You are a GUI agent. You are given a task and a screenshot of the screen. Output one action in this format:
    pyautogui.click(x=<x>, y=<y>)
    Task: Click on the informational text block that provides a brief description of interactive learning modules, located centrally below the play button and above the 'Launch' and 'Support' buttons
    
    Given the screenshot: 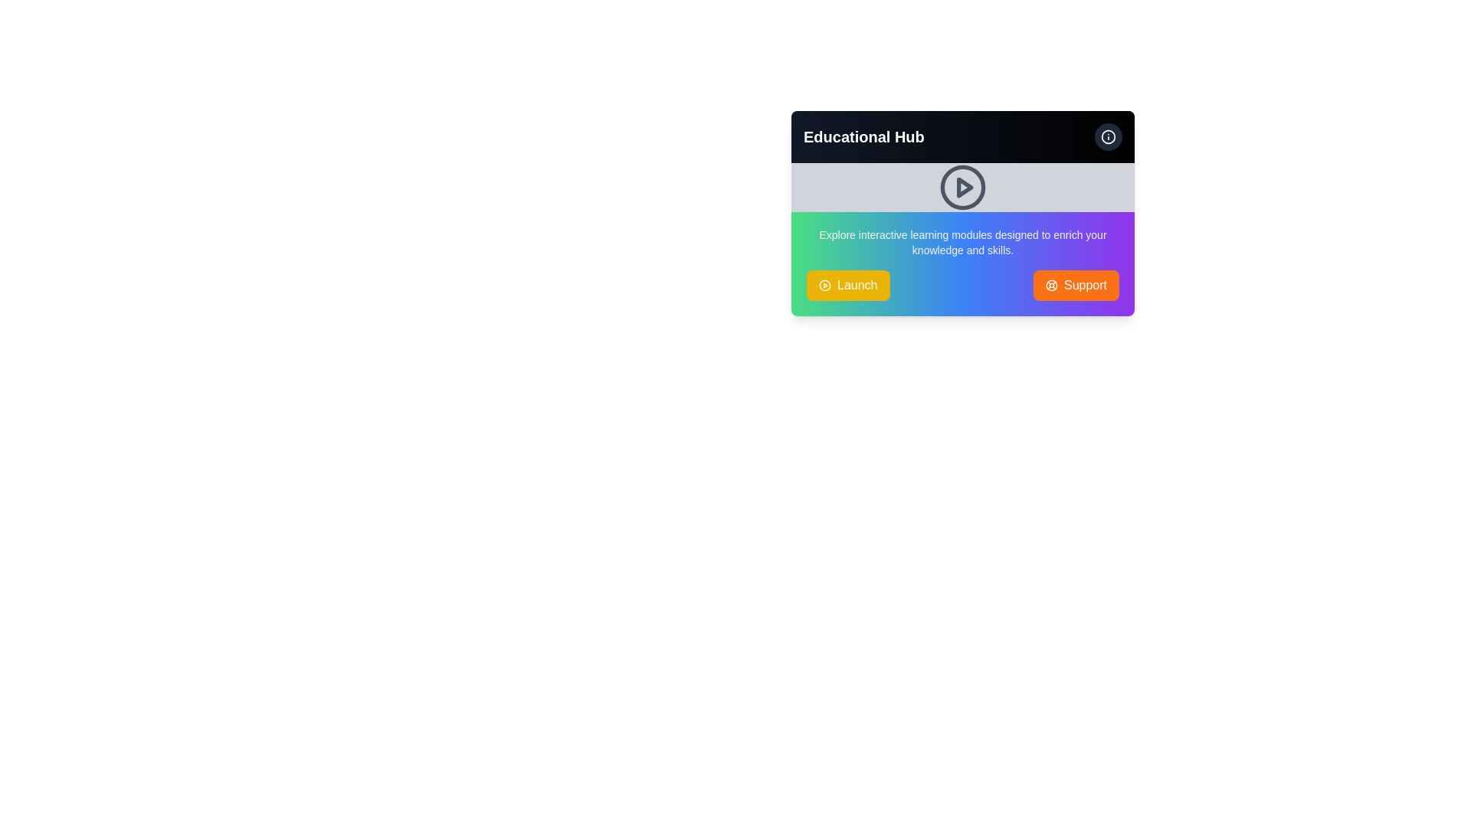 What is the action you would take?
    pyautogui.click(x=962, y=241)
    